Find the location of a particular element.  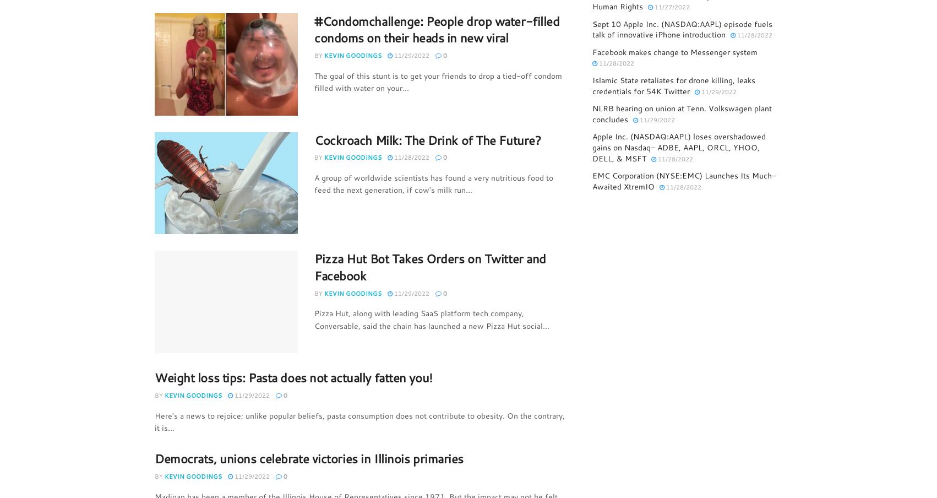

'Democrats, unions celebrate victories in Illinois primaries' is located at coordinates (308, 458).